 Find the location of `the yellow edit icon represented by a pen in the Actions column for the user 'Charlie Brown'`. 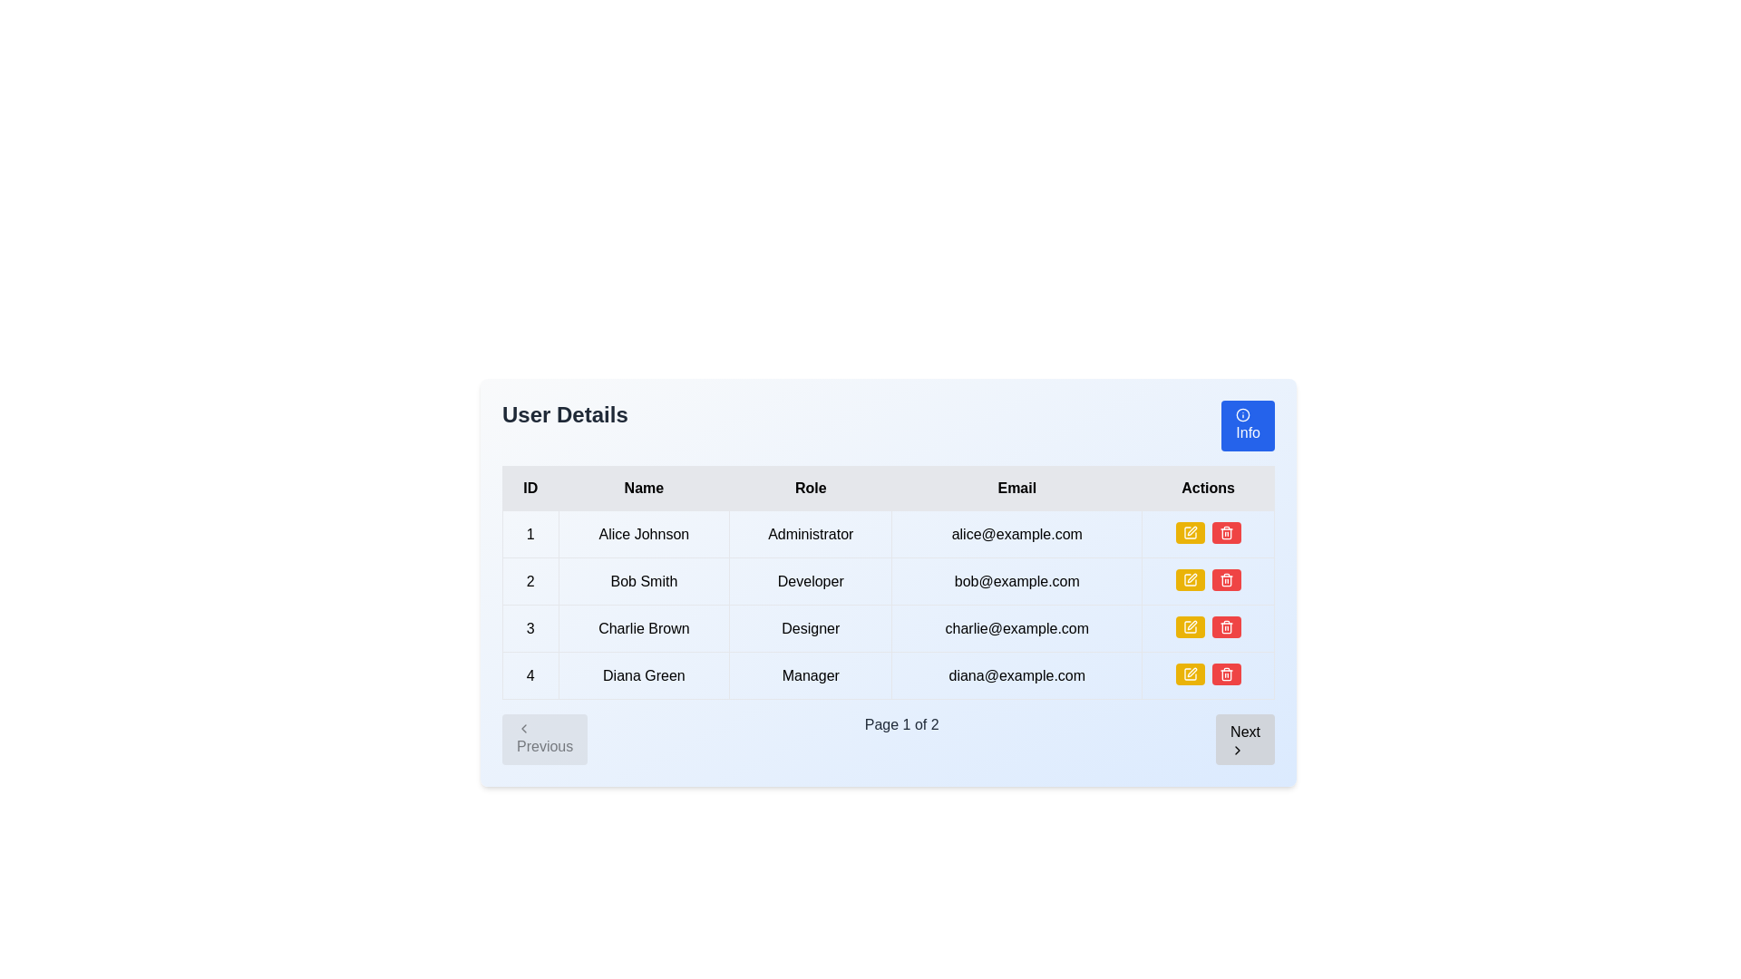

the yellow edit icon represented by a pen in the Actions column for the user 'Charlie Brown' is located at coordinates (1191, 577).